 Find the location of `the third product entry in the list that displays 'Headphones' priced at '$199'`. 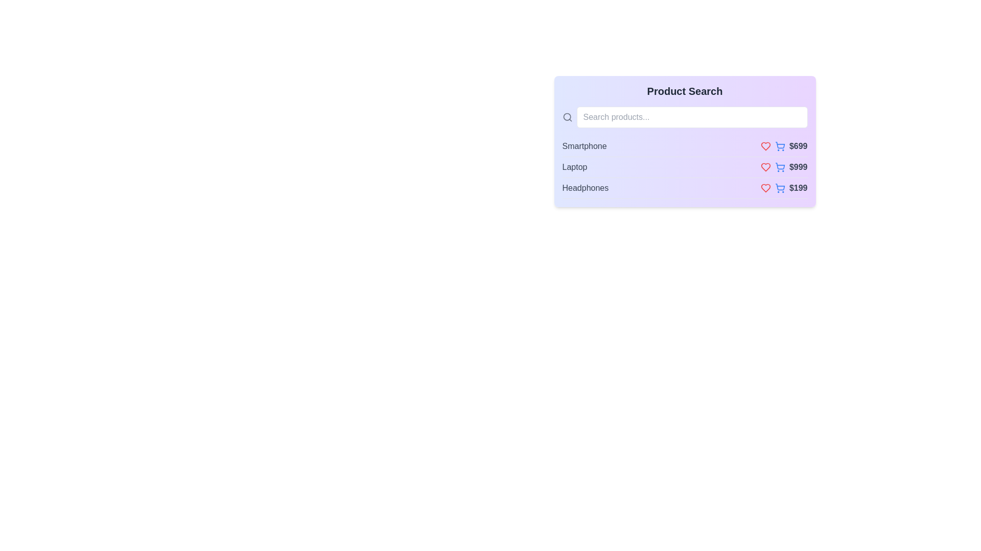

the third product entry in the list that displays 'Headphones' priced at '$199' is located at coordinates (685, 188).